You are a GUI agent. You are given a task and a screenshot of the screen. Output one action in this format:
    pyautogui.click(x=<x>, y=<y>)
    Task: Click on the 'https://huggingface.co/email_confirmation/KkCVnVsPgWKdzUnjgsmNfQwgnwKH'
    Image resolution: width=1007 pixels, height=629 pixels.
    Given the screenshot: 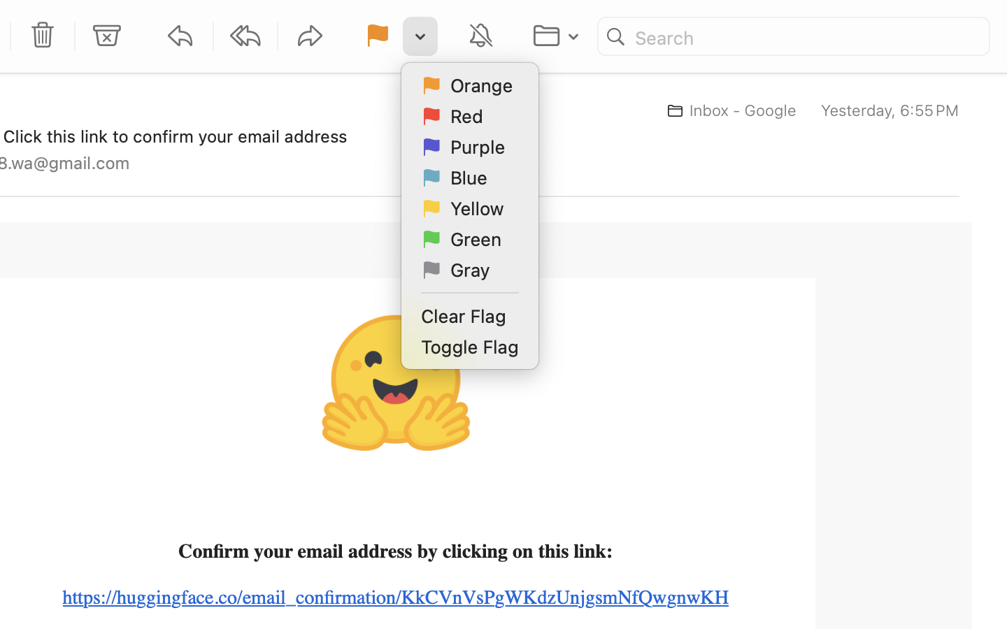 What is the action you would take?
    pyautogui.click(x=396, y=598)
    